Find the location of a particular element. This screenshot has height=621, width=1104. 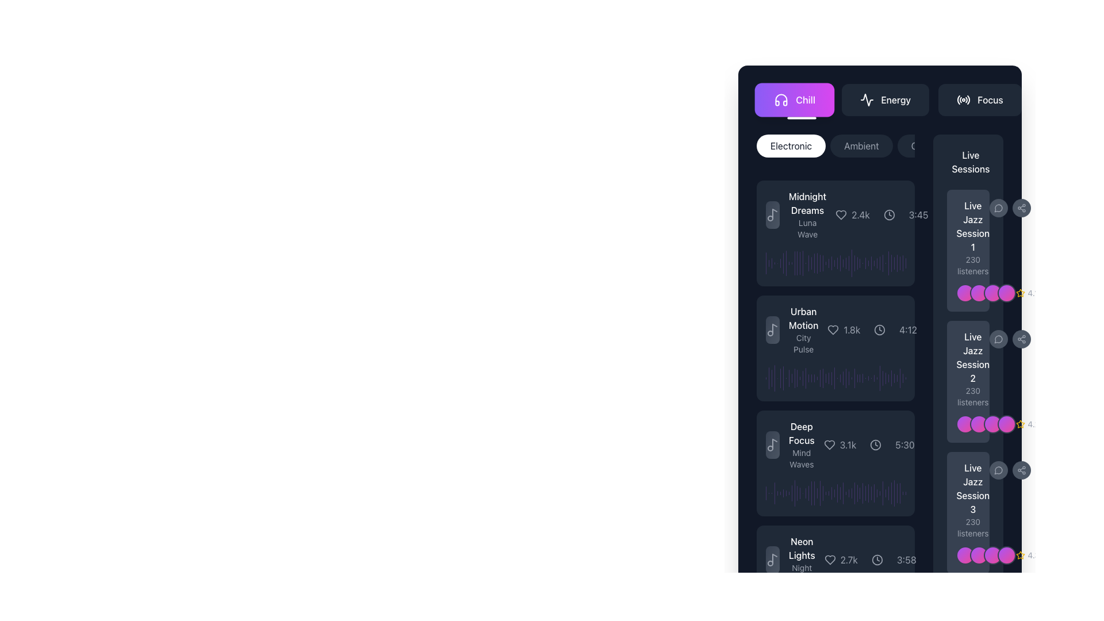

the 36th vertical purple bar in the right-hand column of the graph is located at coordinates (876, 263).